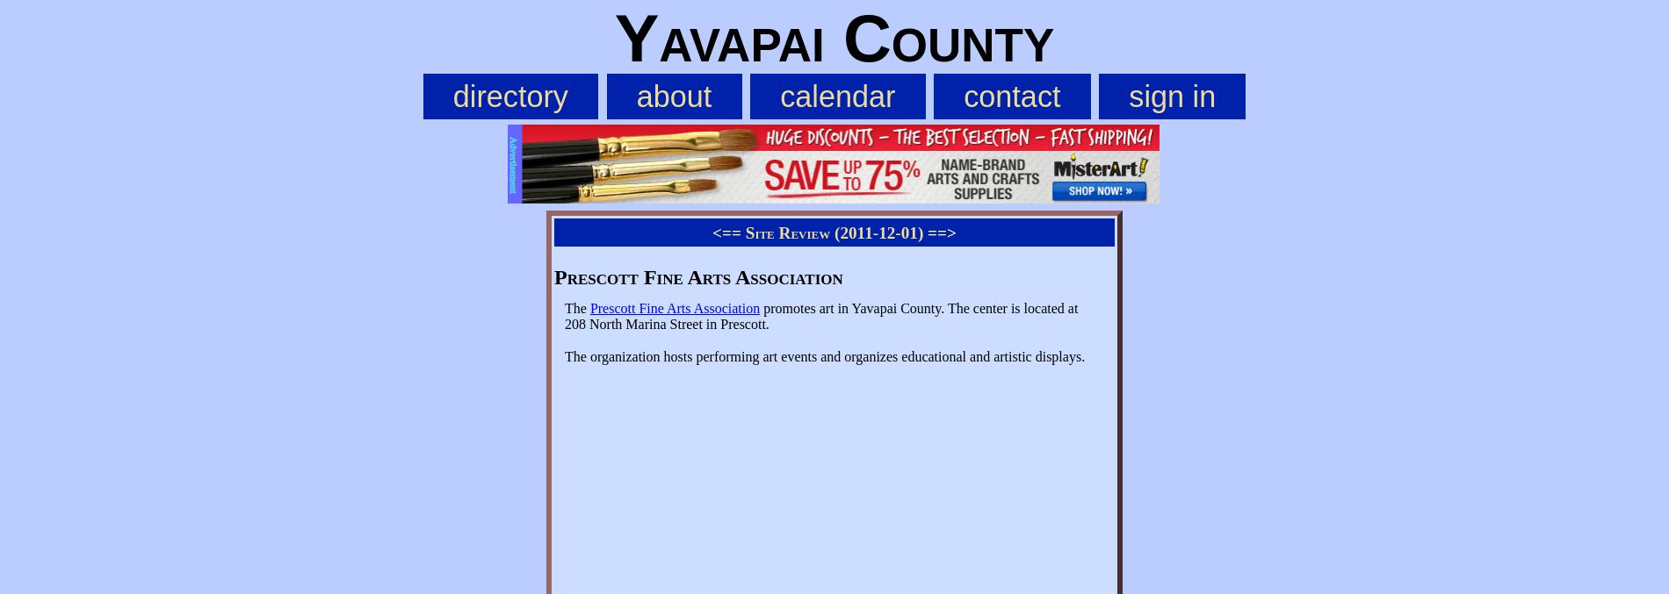 The height and width of the screenshot is (594, 1669). I want to click on 'directory', so click(452, 97).